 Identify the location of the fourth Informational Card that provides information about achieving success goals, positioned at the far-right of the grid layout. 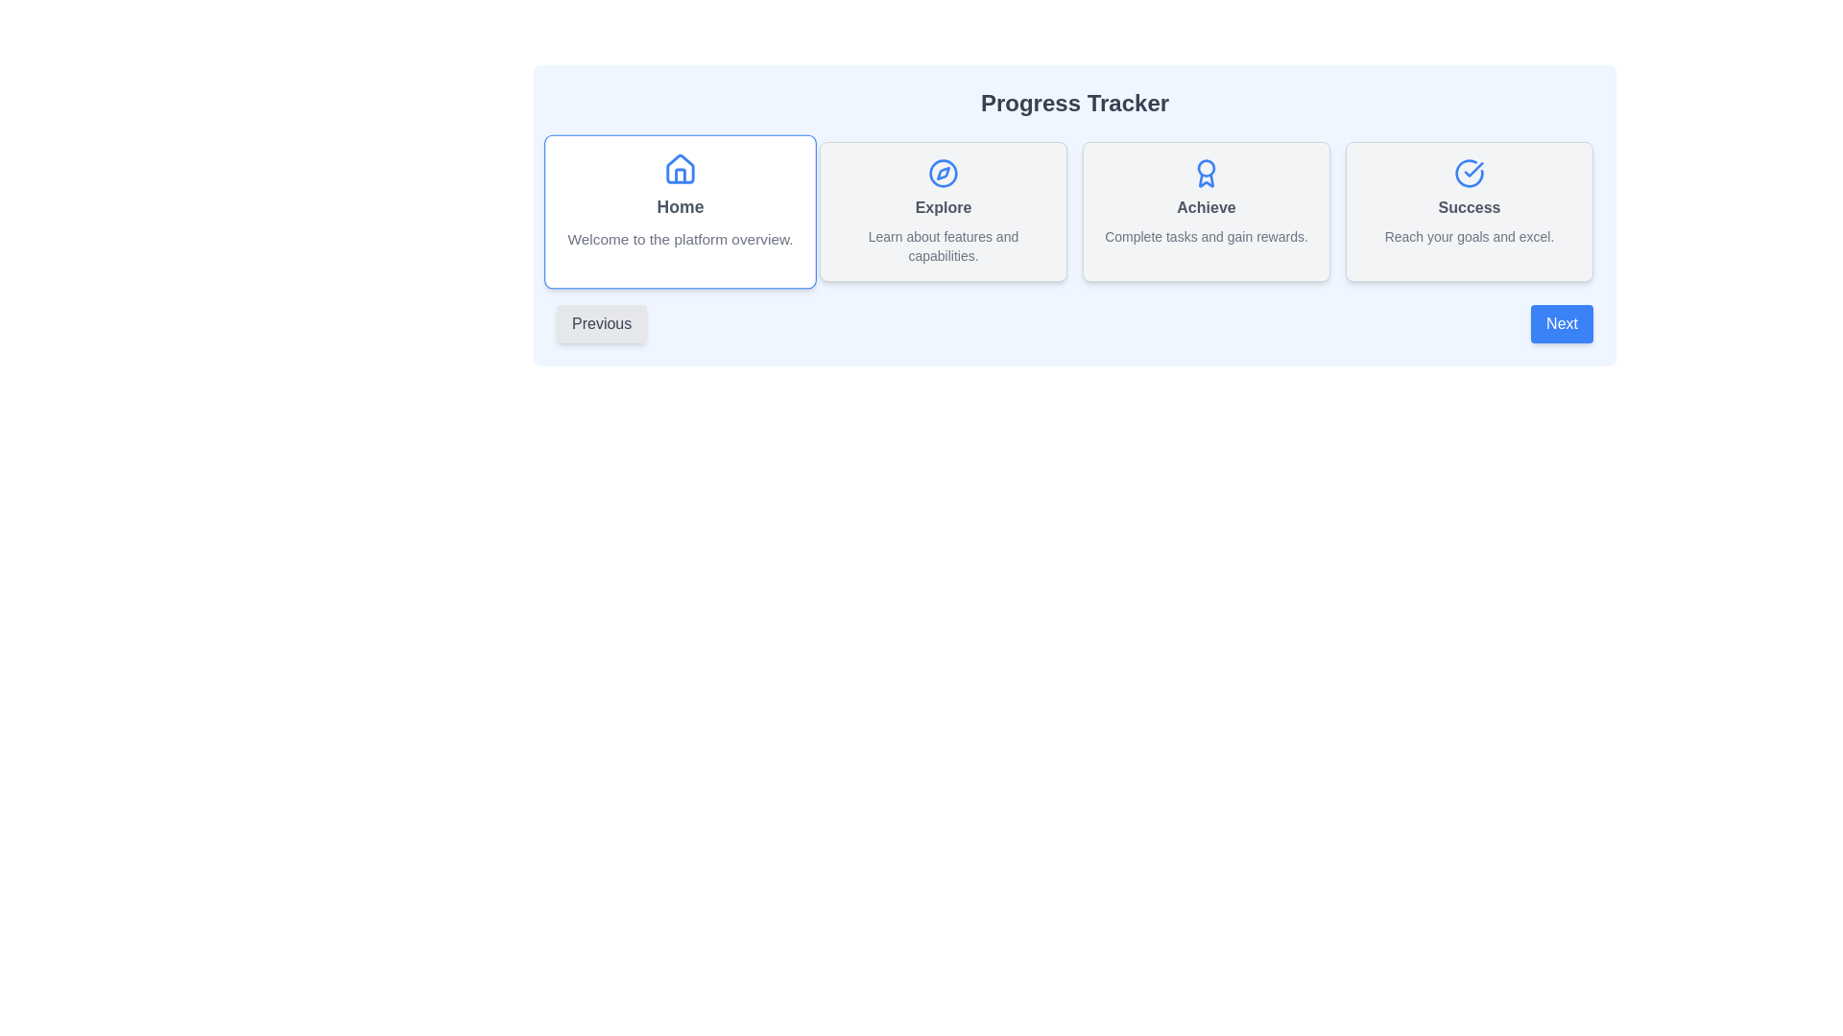
(1469, 211).